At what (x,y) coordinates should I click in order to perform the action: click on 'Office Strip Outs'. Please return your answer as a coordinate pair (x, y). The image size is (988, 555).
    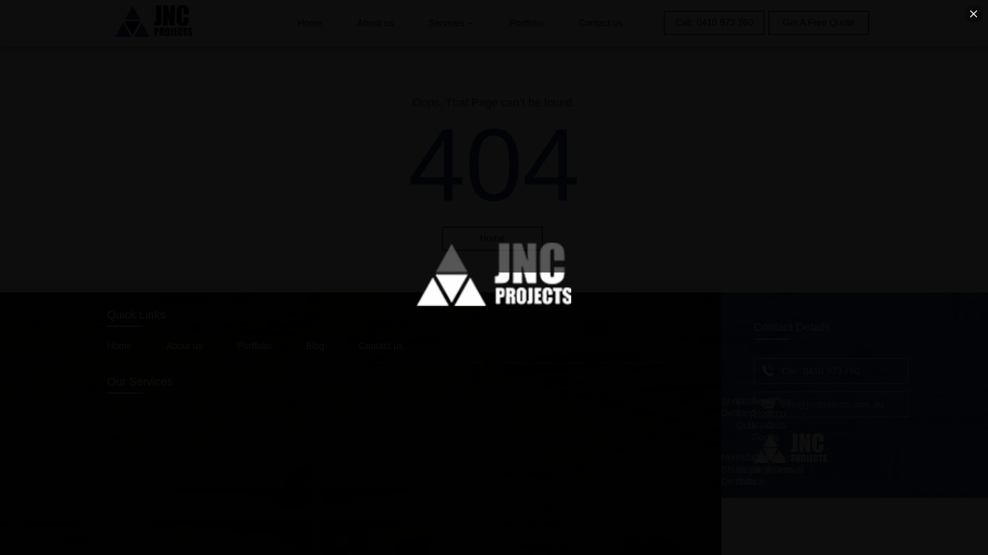
    Looking at the image, I should click on (779, 422).